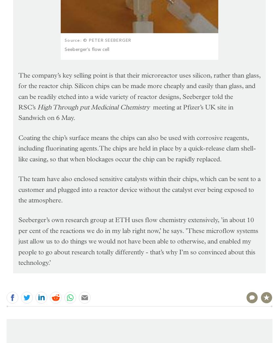 This screenshot has height=343, width=279. I want to click on 'Coating the chip’s surface means the chips can also be used with corrosive reagents, including fluorinating agents. The chips are held in place by a quick-release clam shell-like casing, so that when blockages occur the chip can be rapidly replaced.', so click(137, 148).